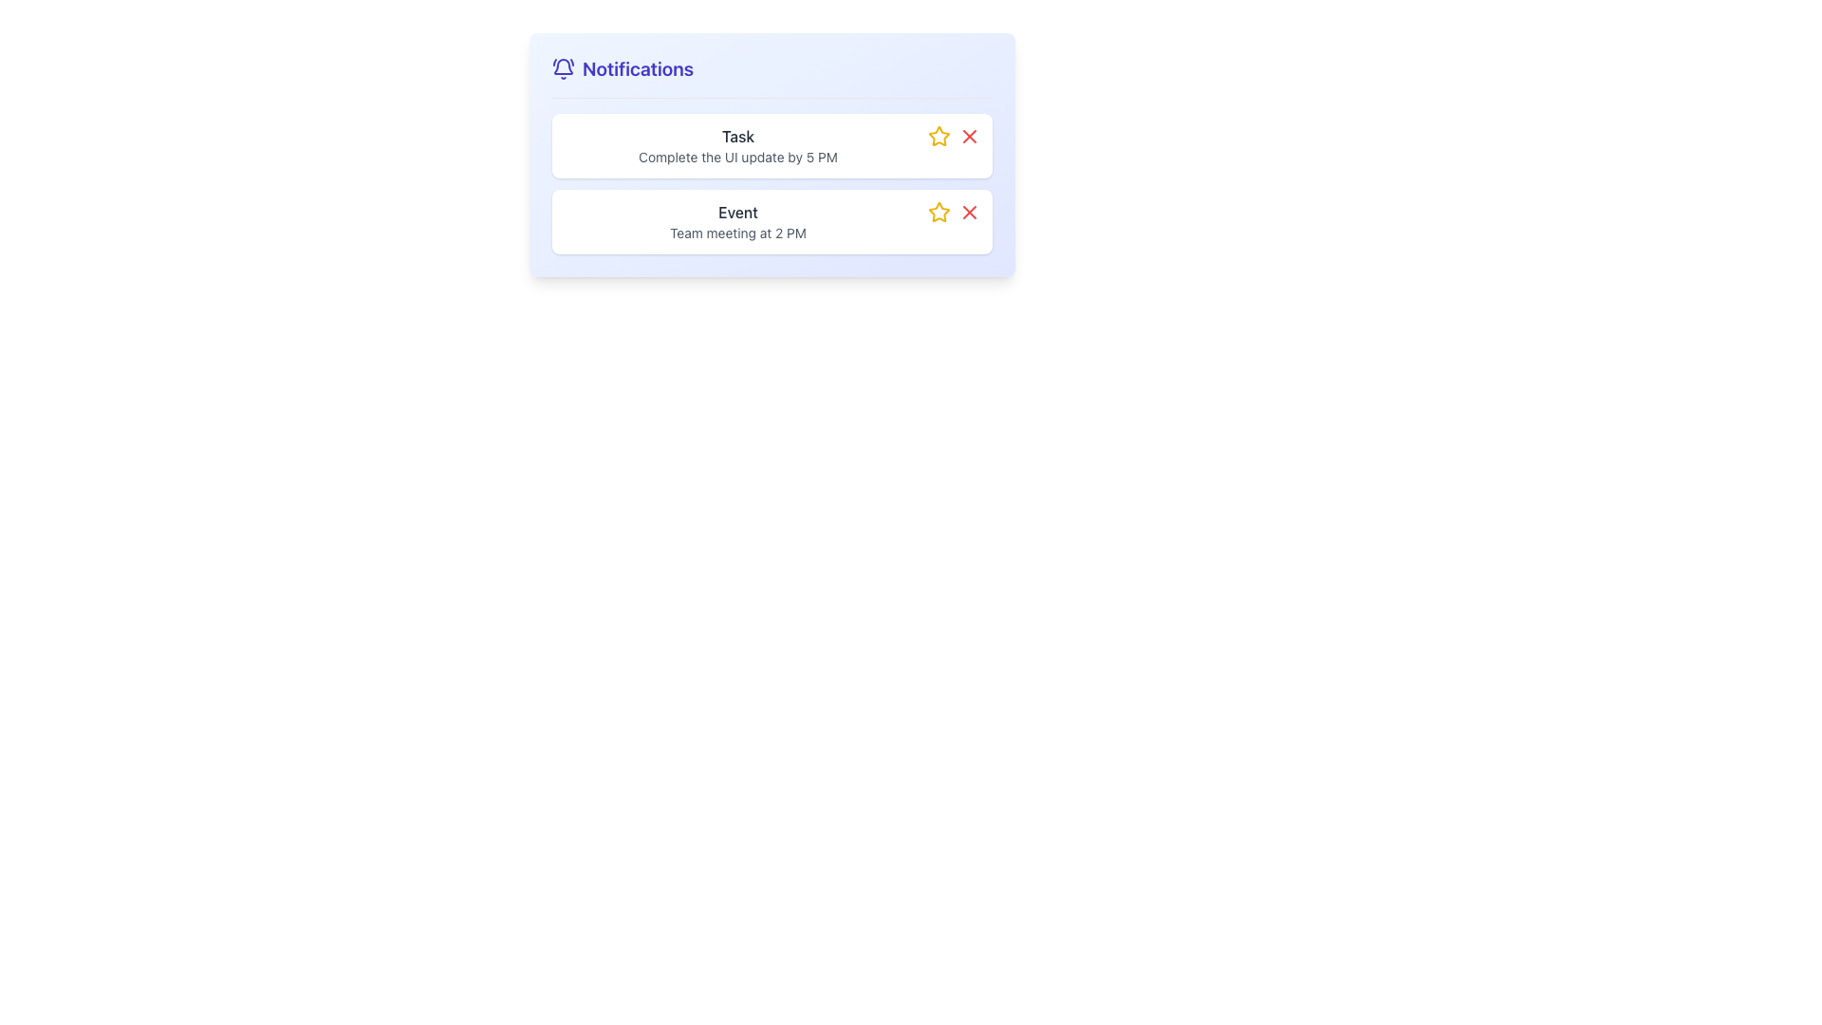 This screenshot has height=1025, width=1822. I want to click on the red cross icon button located to the right of the 'Task' text in the notifications panel to observe the styling changes, so click(970, 135).